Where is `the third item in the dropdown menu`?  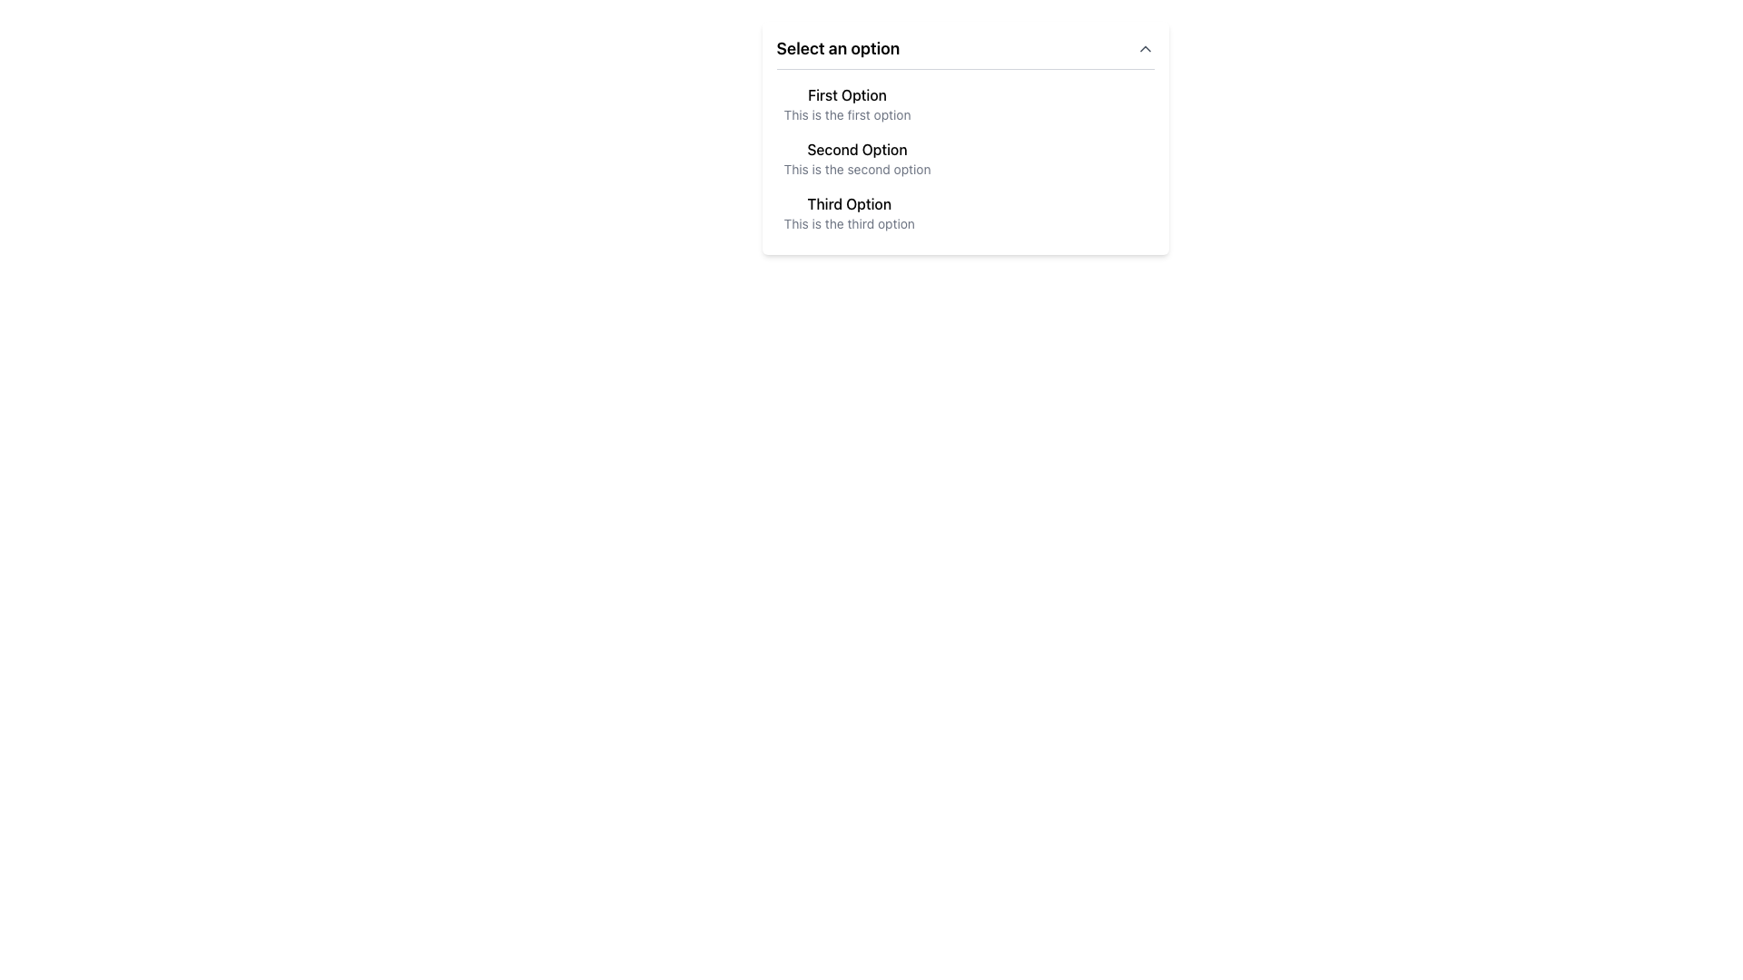
the third item in the dropdown menu is located at coordinates (964, 212).